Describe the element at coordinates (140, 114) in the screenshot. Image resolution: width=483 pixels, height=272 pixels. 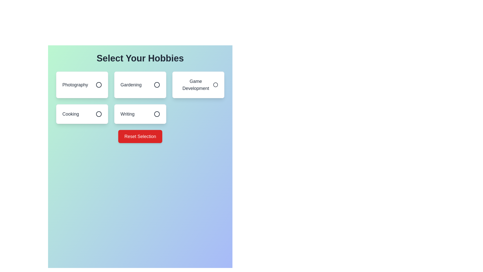
I see `the hobby item Writing` at that location.